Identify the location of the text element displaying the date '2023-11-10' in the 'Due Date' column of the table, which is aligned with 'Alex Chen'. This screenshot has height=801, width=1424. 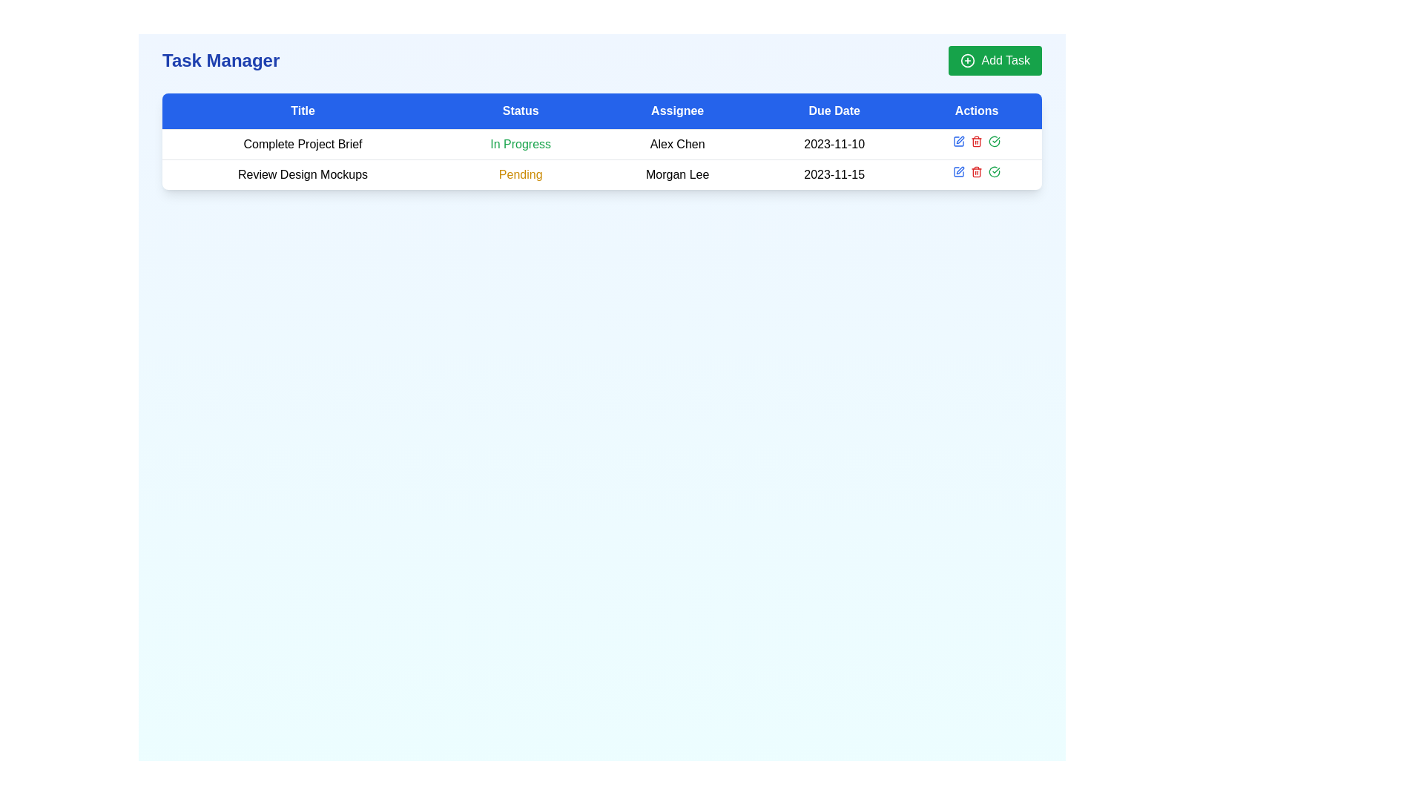
(834, 145).